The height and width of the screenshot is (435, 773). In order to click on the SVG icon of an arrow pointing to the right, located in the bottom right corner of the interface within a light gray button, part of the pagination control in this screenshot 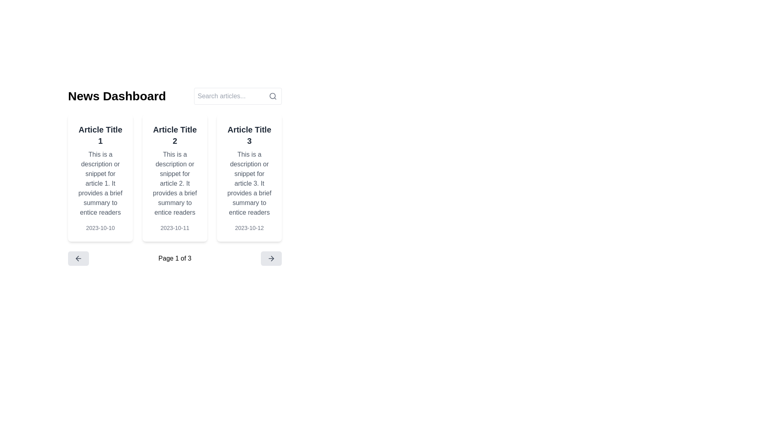, I will do `click(271, 258)`.